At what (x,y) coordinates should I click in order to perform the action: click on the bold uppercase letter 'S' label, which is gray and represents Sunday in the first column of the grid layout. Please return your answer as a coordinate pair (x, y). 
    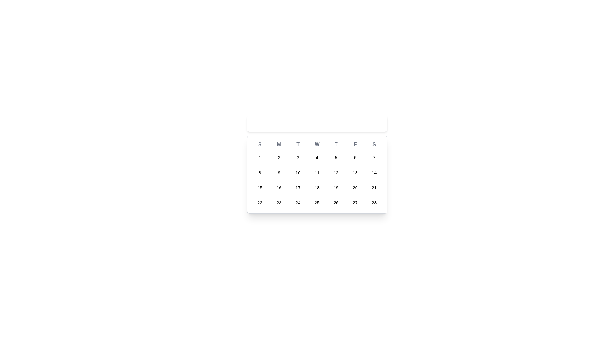
    Looking at the image, I should click on (260, 145).